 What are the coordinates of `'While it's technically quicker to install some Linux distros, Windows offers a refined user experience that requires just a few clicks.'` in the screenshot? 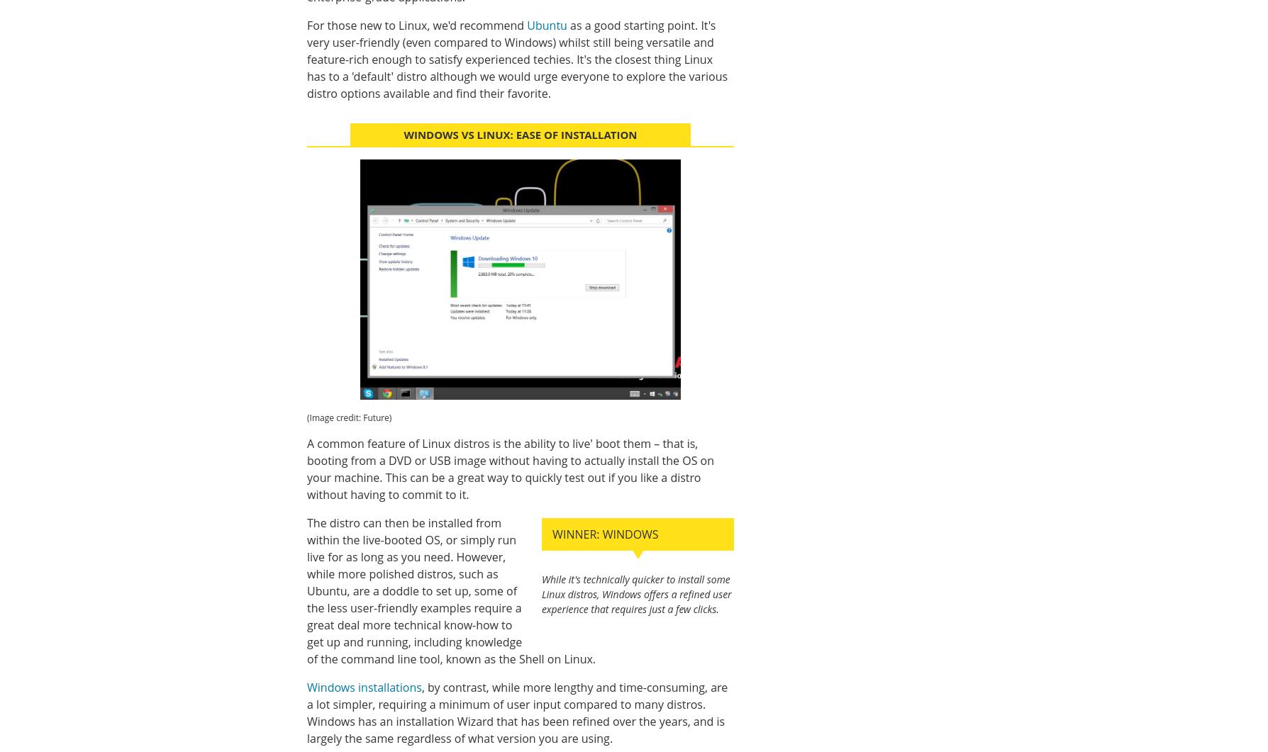 It's located at (636, 593).